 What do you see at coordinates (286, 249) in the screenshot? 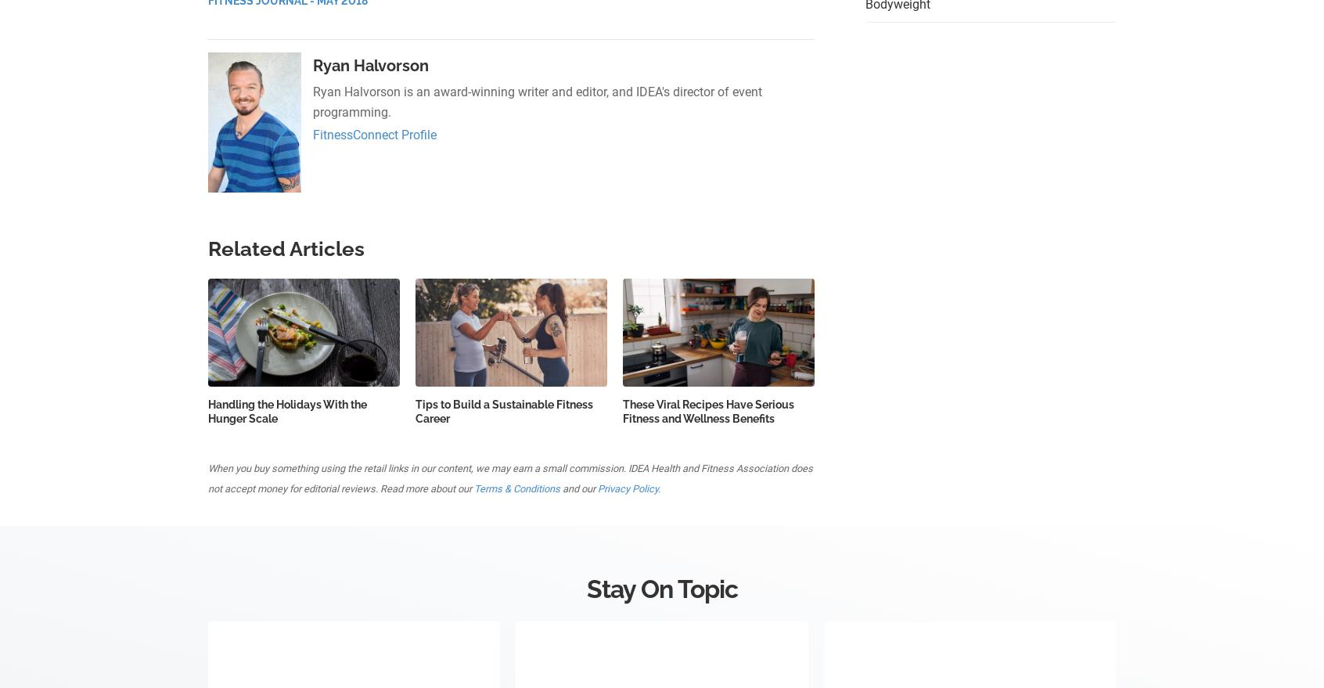
I see `'Related Articles'` at bounding box center [286, 249].